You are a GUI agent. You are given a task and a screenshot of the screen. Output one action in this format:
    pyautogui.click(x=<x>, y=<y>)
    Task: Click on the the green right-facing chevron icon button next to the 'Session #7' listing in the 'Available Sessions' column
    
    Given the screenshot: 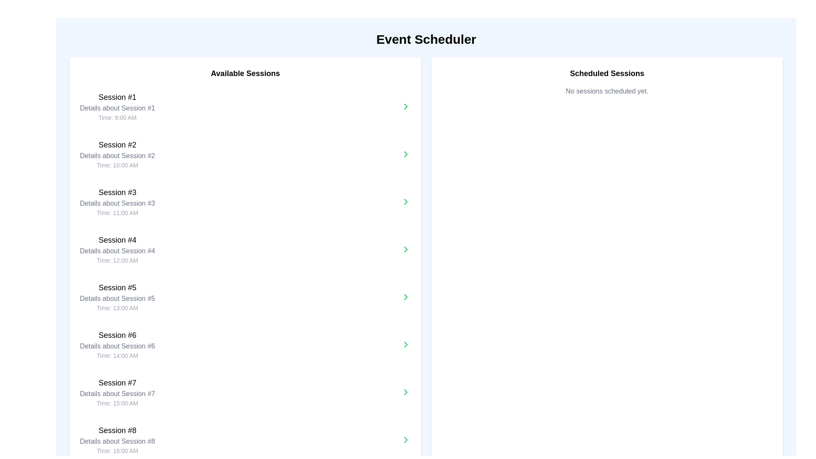 What is the action you would take?
    pyautogui.click(x=405, y=392)
    